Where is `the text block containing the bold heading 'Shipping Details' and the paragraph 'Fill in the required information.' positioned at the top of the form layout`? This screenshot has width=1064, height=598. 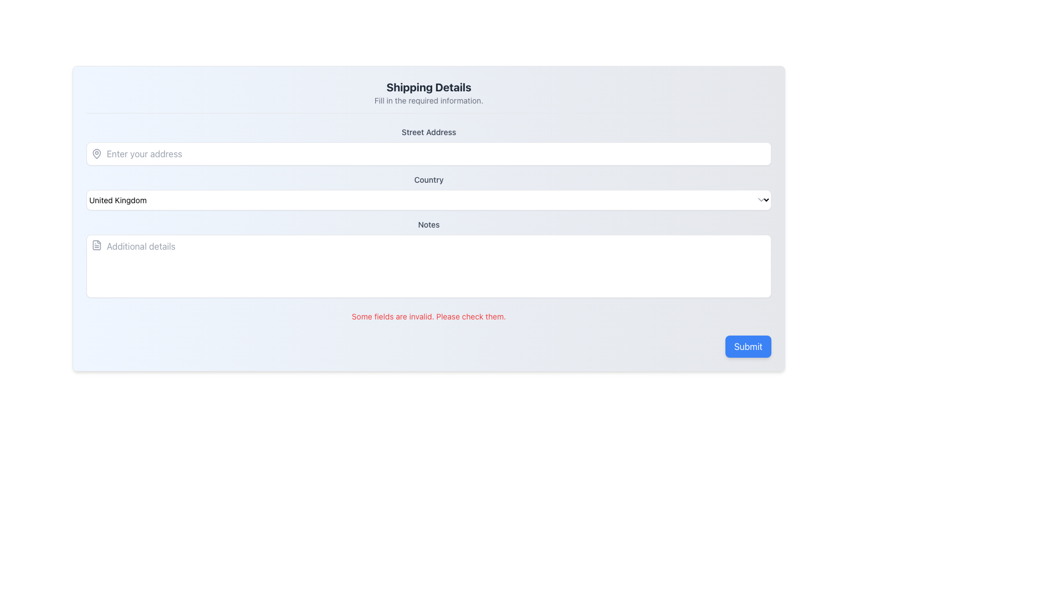
the text block containing the bold heading 'Shipping Details' and the paragraph 'Fill in the required information.' positioned at the top of the form layout is located at coordinates (428, 96).